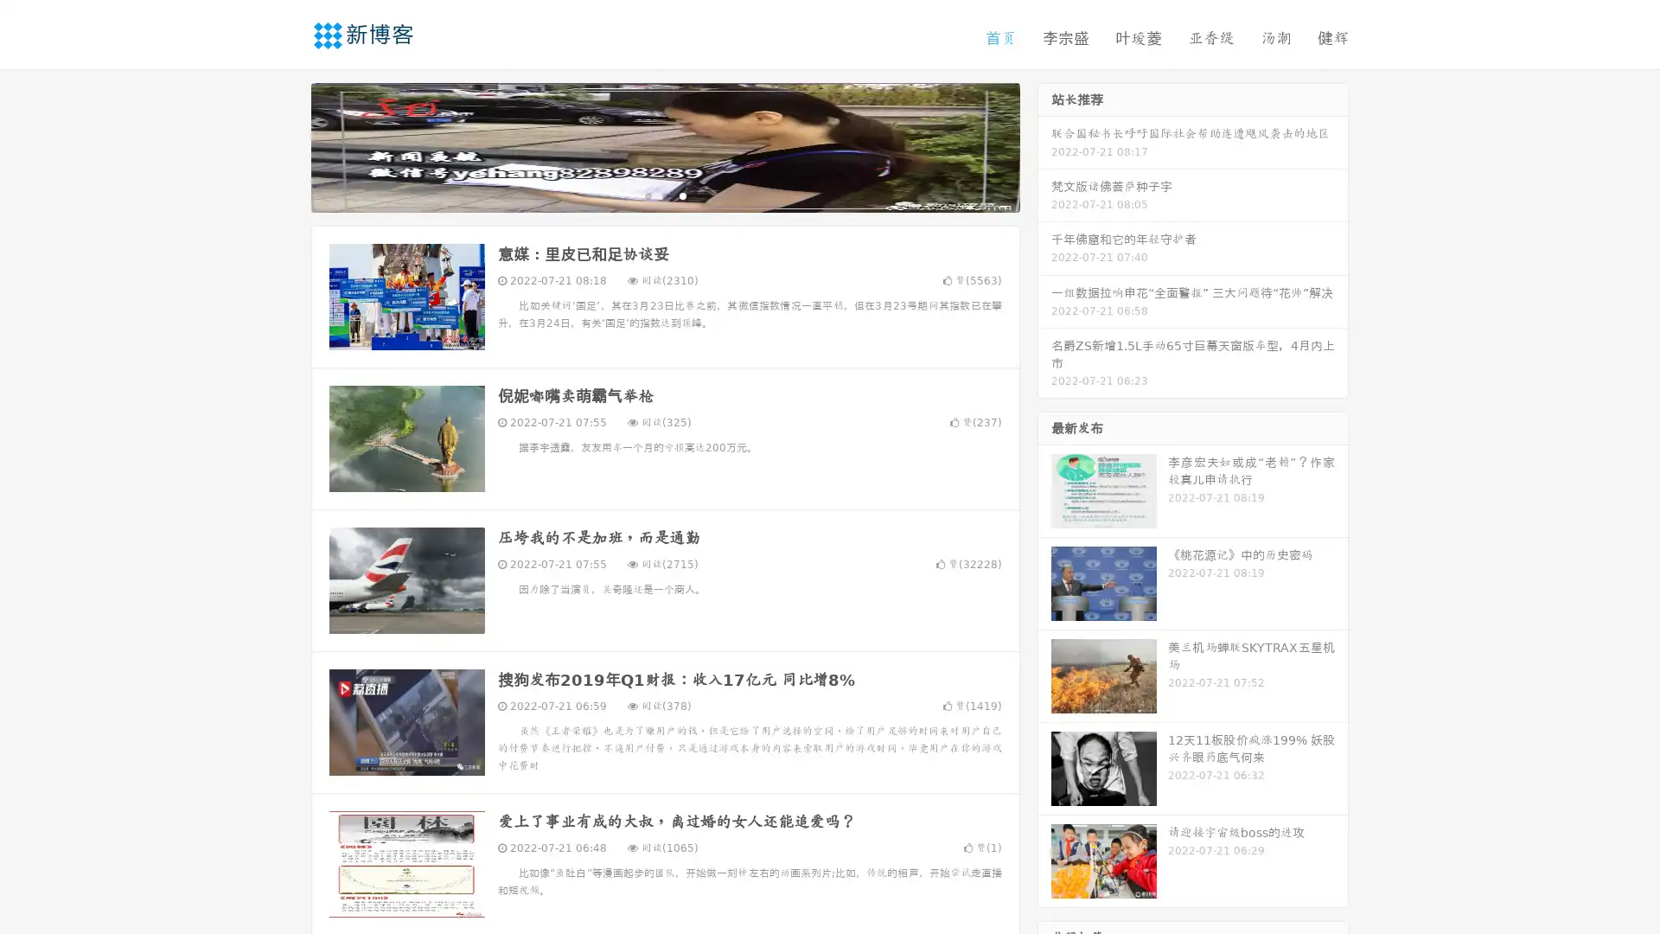 This screenshot has height=934, width=1660. I want to click on Go to slide 2, so click(664, 195).